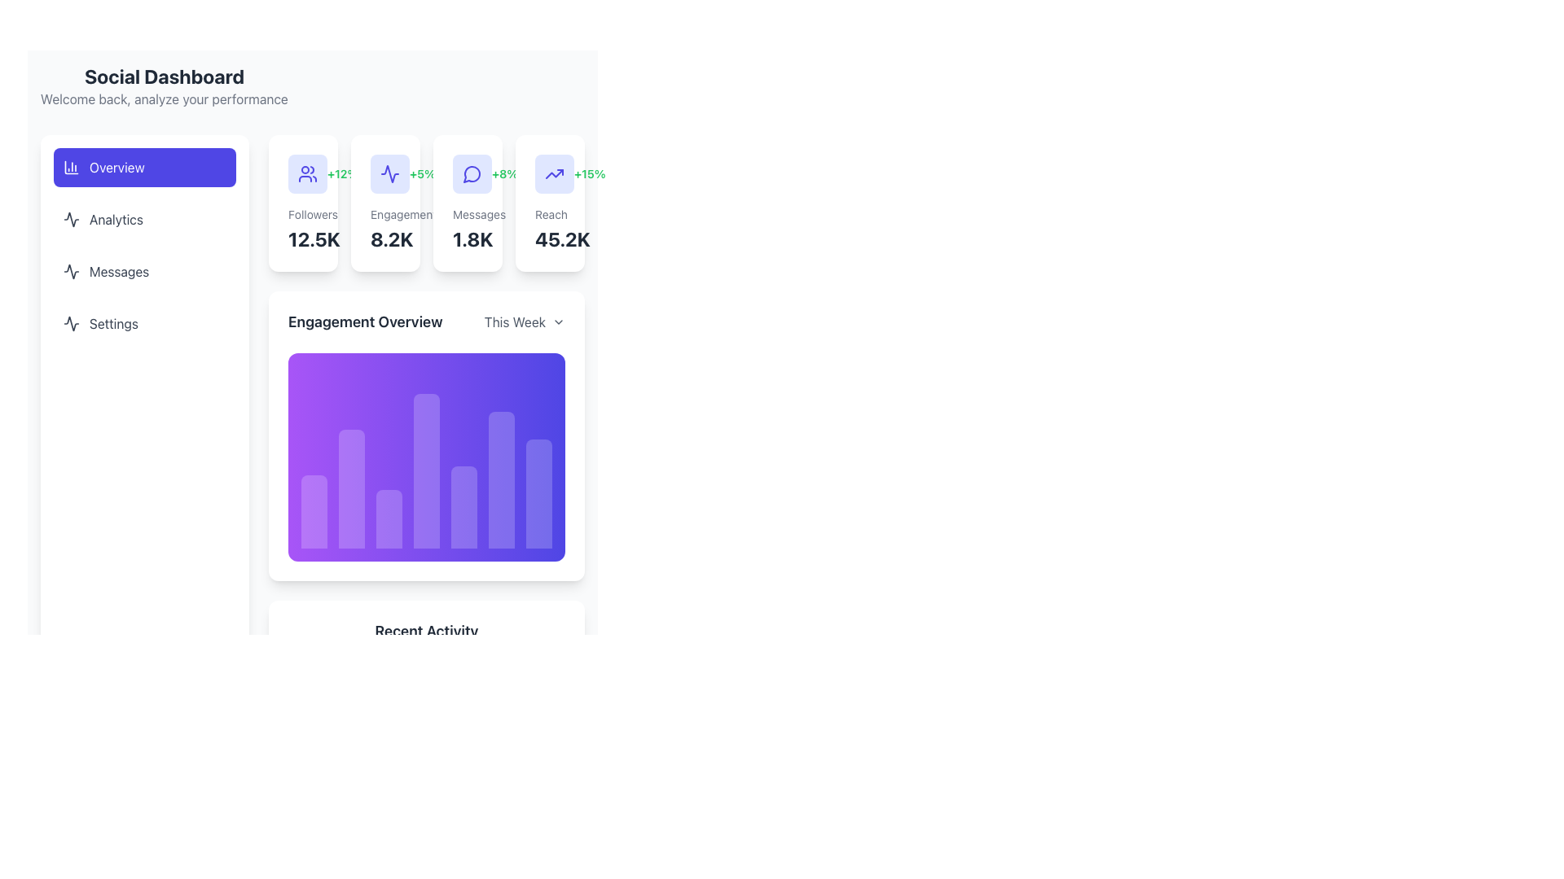 The image size is (1564, 879). What do you see at coordinates (550, 238) in the screenshot?
I see `the statistics display for 'Reach', which is located in the bottom section of a card, beneath the smaller text 'Reach'` at bounding box center [550, 238].